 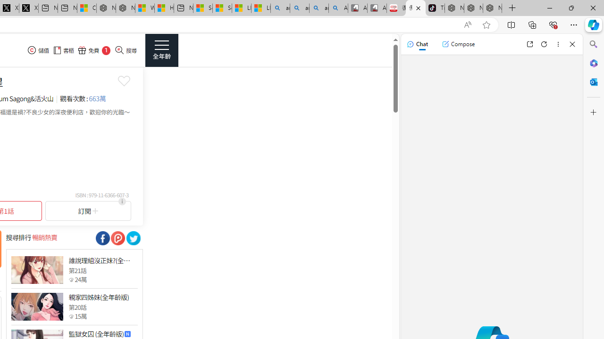 What do you see at coordinates (458, 44) in the screenshot?
I see `'Compose'` at bounding box center [458, 44].